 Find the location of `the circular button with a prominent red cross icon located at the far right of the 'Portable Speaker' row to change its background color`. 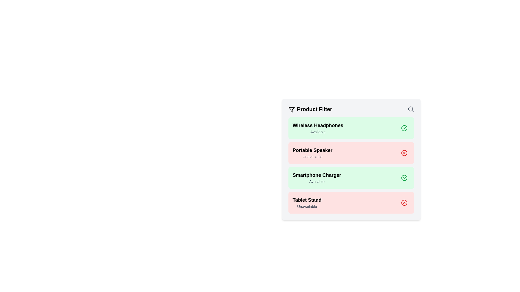

the circular button with a prominent red cross icon located at the far right of the 'Portable Speaker' row to change its background color is located at coordinates (404, 153).